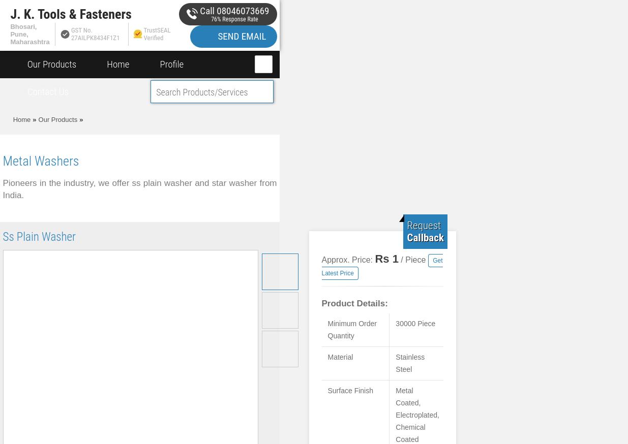 This screenshot has height=444, width=628. What do you see at coordinates (10, 13) in the screenshot?
I see `'J. K. Tools & Fasteners'` at bounding box center [10, 13].